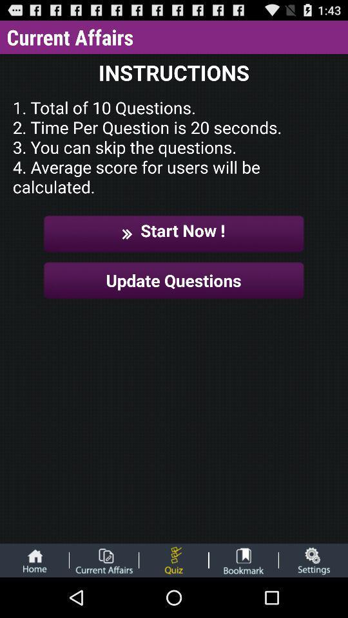 This screenshot has height=618, width=348. What do you see at coordinates (173, 280) in the screenshot?
I see `the update questions item` at bounding box center [173, 280].